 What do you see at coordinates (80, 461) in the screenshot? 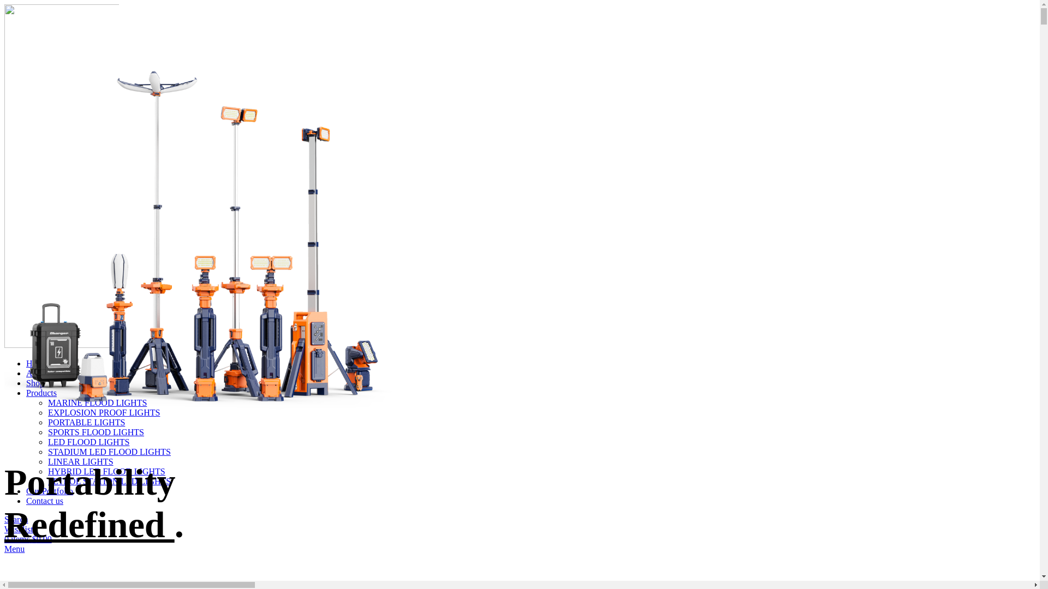
I see `'LINEAR LIGHTS'` at bounding box center [80, 461].